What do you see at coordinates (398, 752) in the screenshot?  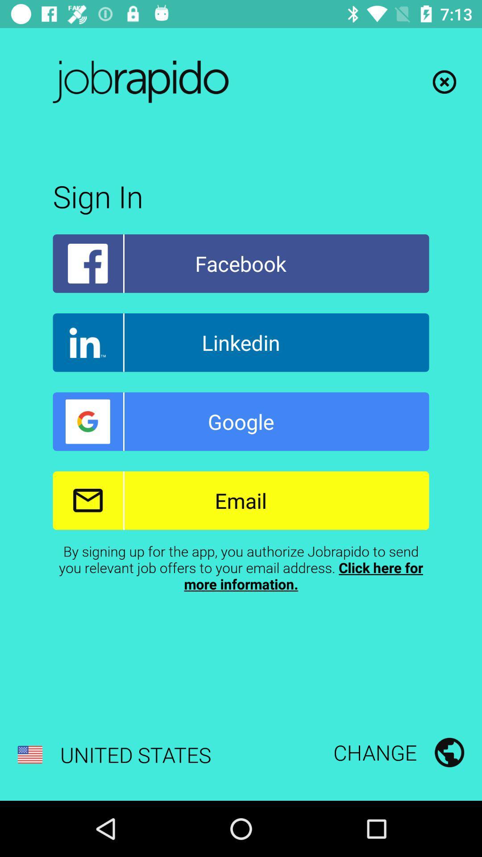 I see `the icon below by signing up icon` at bounding box center [398, 752].